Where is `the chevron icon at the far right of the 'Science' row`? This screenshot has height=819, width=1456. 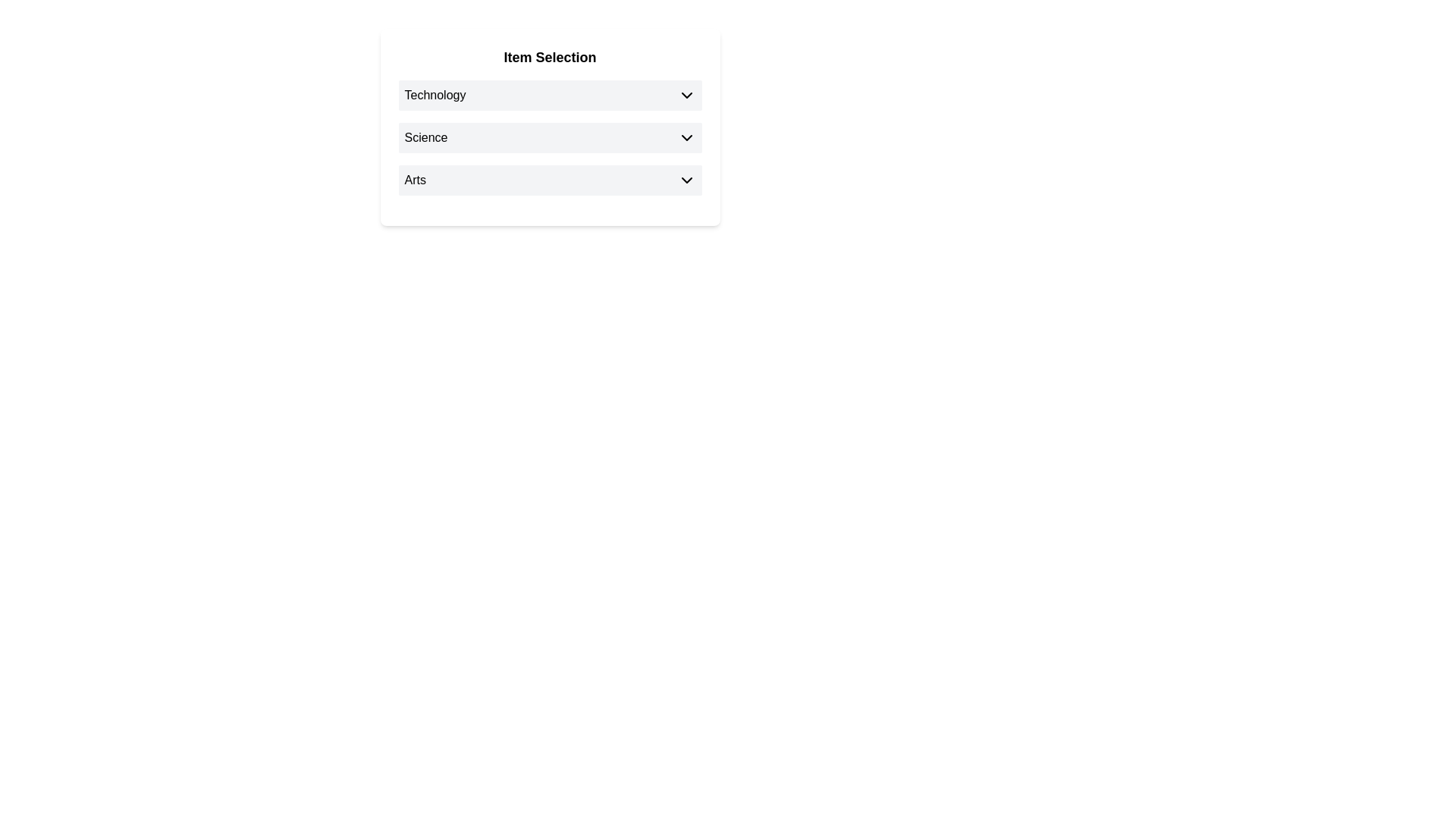 the chevron icon at the far right of the 'Science' row is located at coordinates (686, 137).